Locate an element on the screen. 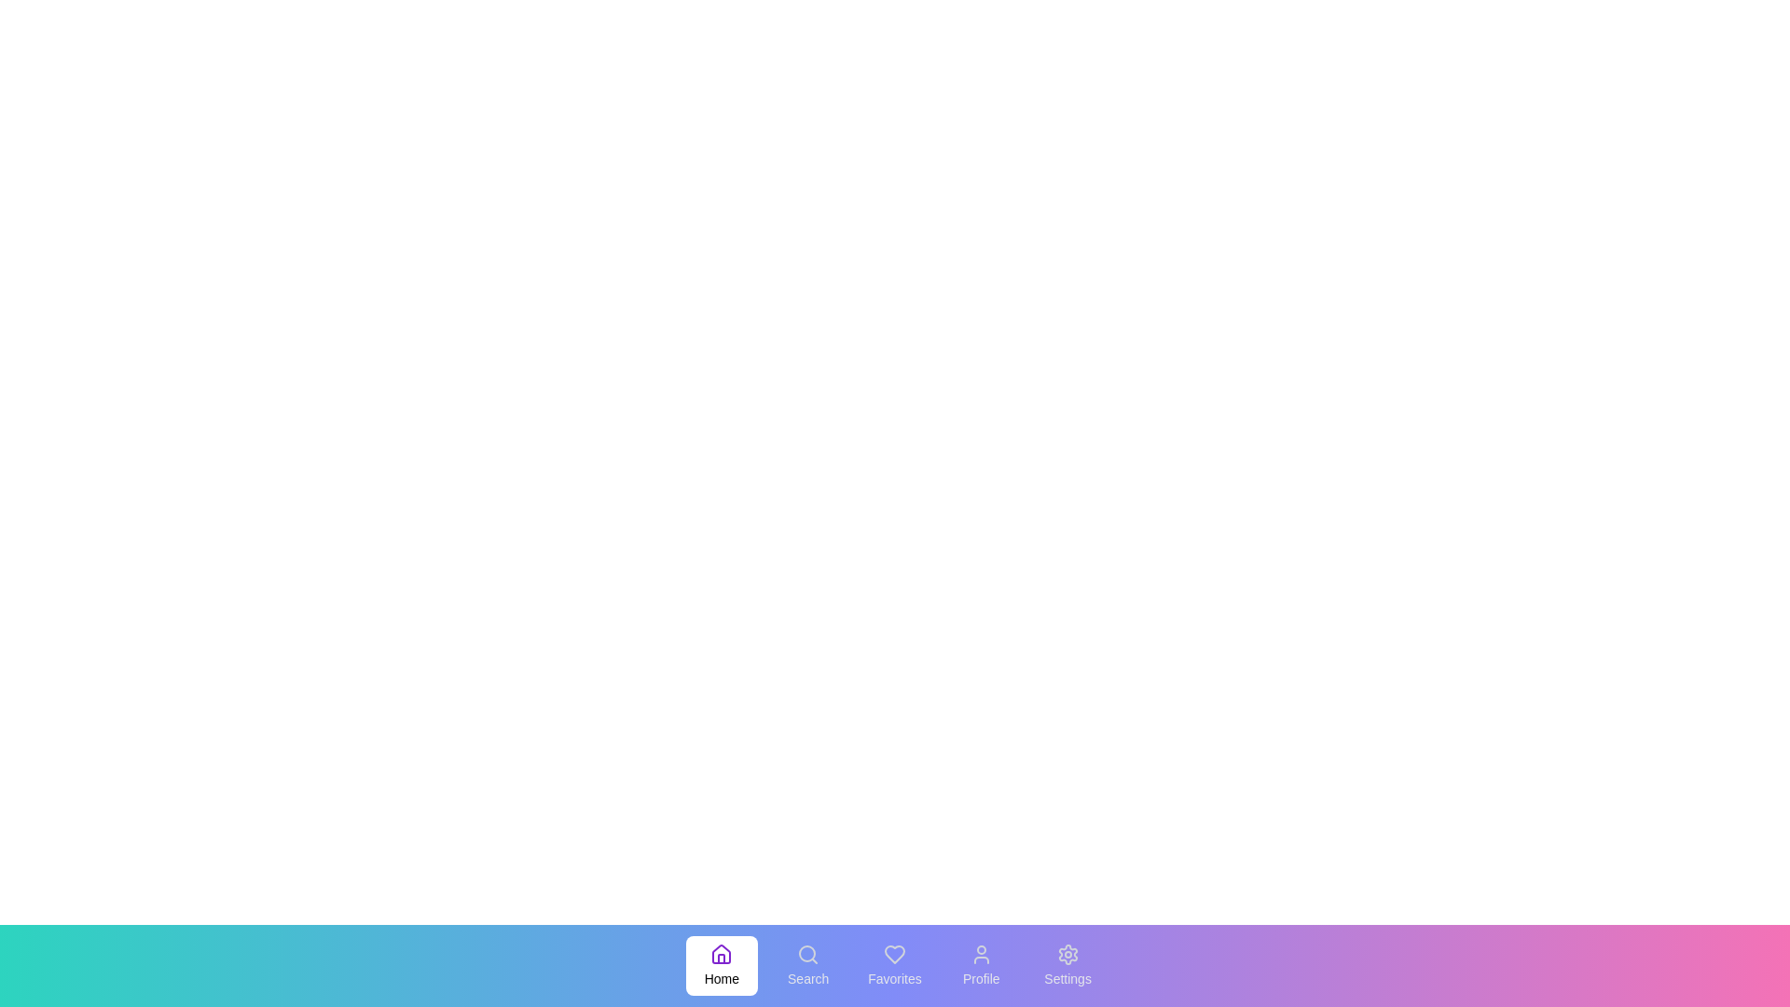  the 'Home' button in the bottom navigation bar is located at coordinates (720, 965).